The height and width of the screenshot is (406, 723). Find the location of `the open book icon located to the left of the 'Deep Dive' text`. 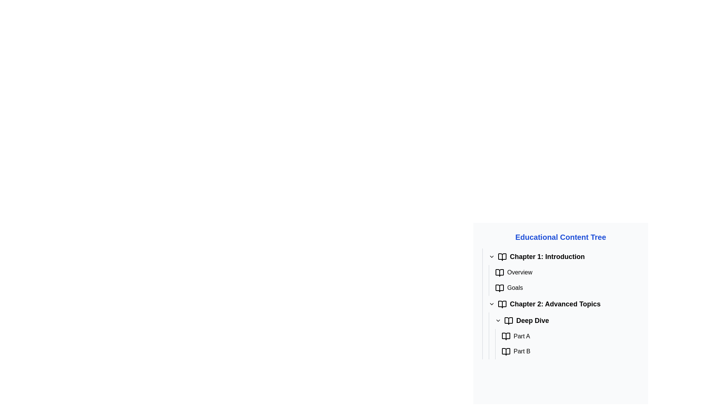

the open book icon located to the left of the 'Deep Dive' text is located at coordinates (508, 320).